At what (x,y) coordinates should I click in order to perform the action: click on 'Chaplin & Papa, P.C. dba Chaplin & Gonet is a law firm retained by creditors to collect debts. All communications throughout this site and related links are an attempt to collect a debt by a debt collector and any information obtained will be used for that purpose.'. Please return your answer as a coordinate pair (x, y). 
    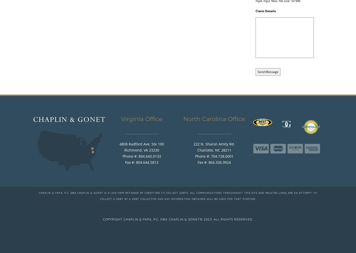
    Looking at the image, I should click on (178, 196).